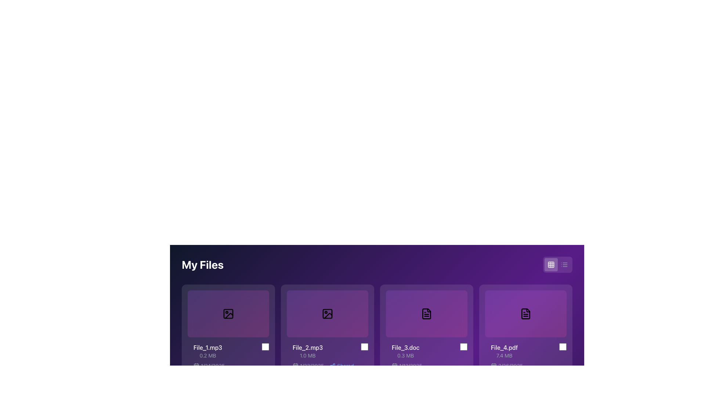 This screenshot has height=396, width=705. I want to click on the SVG graphical element located, so click(228, 313).